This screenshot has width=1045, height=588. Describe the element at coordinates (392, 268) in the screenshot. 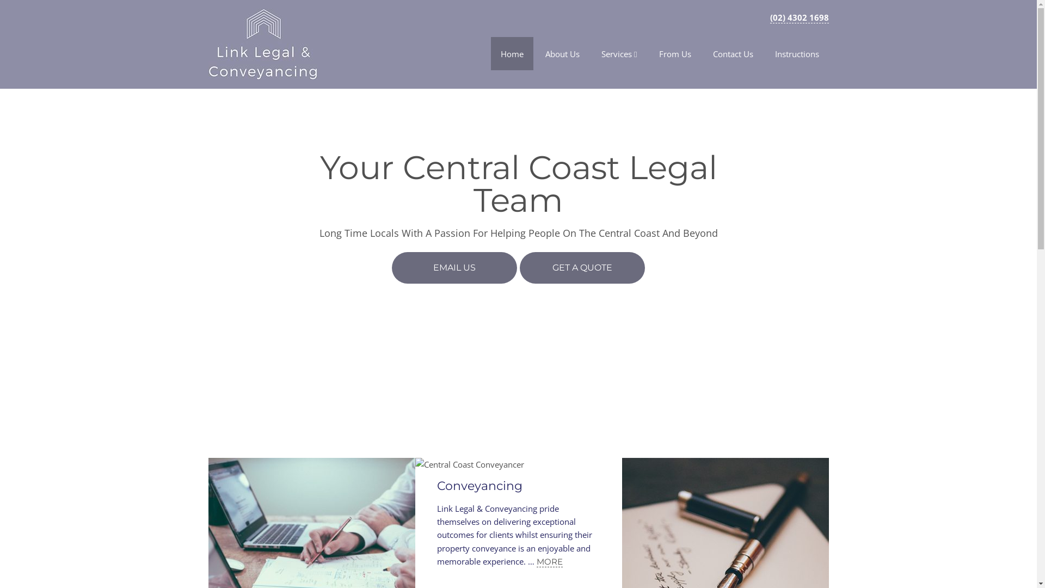

I see `'EMAIL US'` at that location.